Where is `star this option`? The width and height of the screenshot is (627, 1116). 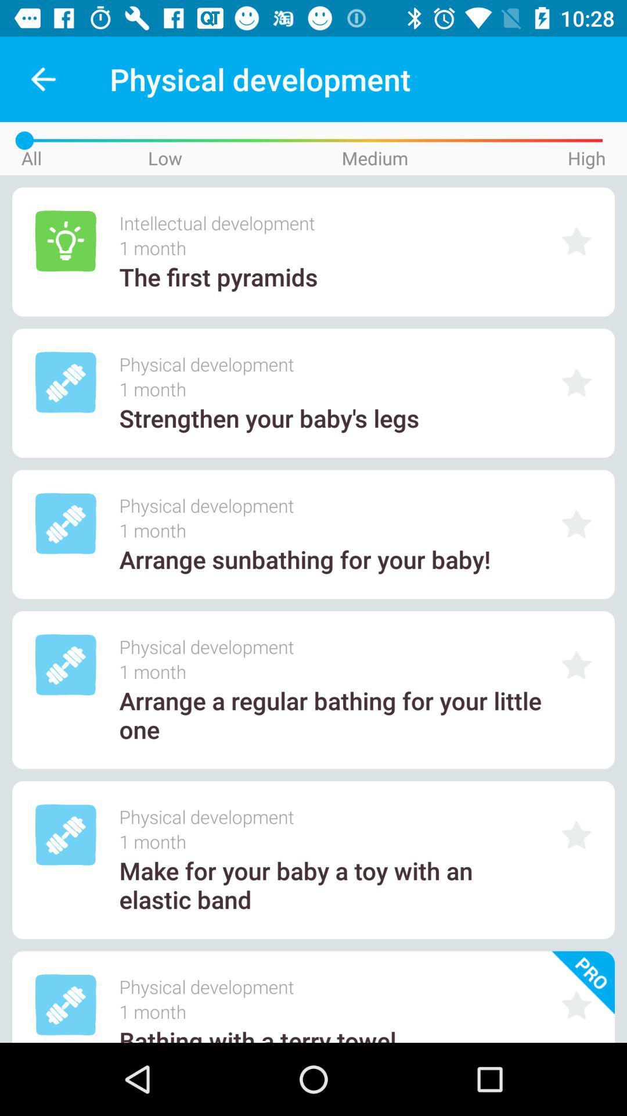
star this option is located at coordinates (576, 1004).